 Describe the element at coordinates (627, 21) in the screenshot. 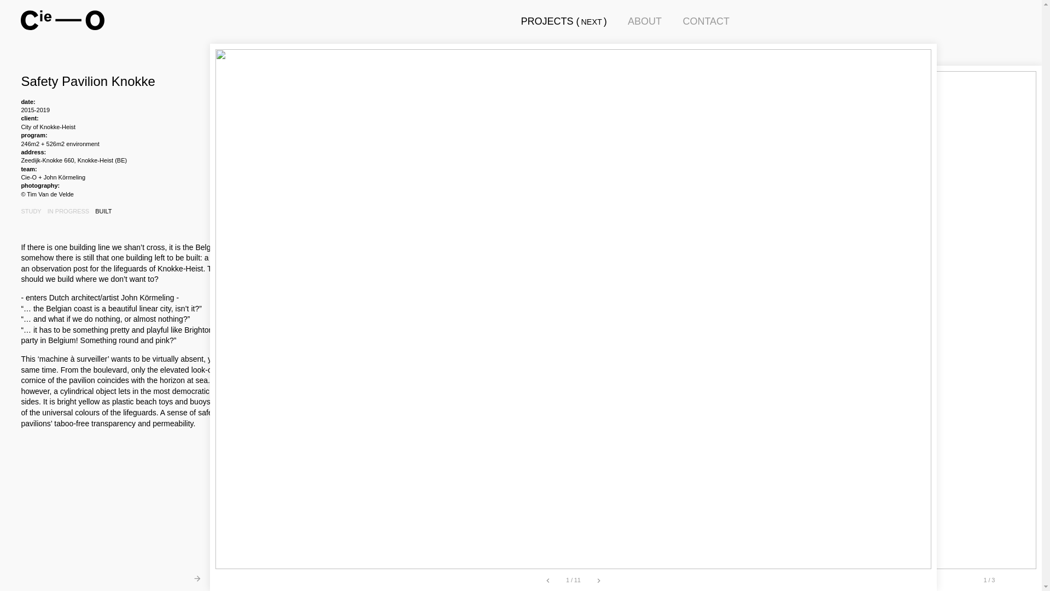

I see `'ABOUT'` at that location.